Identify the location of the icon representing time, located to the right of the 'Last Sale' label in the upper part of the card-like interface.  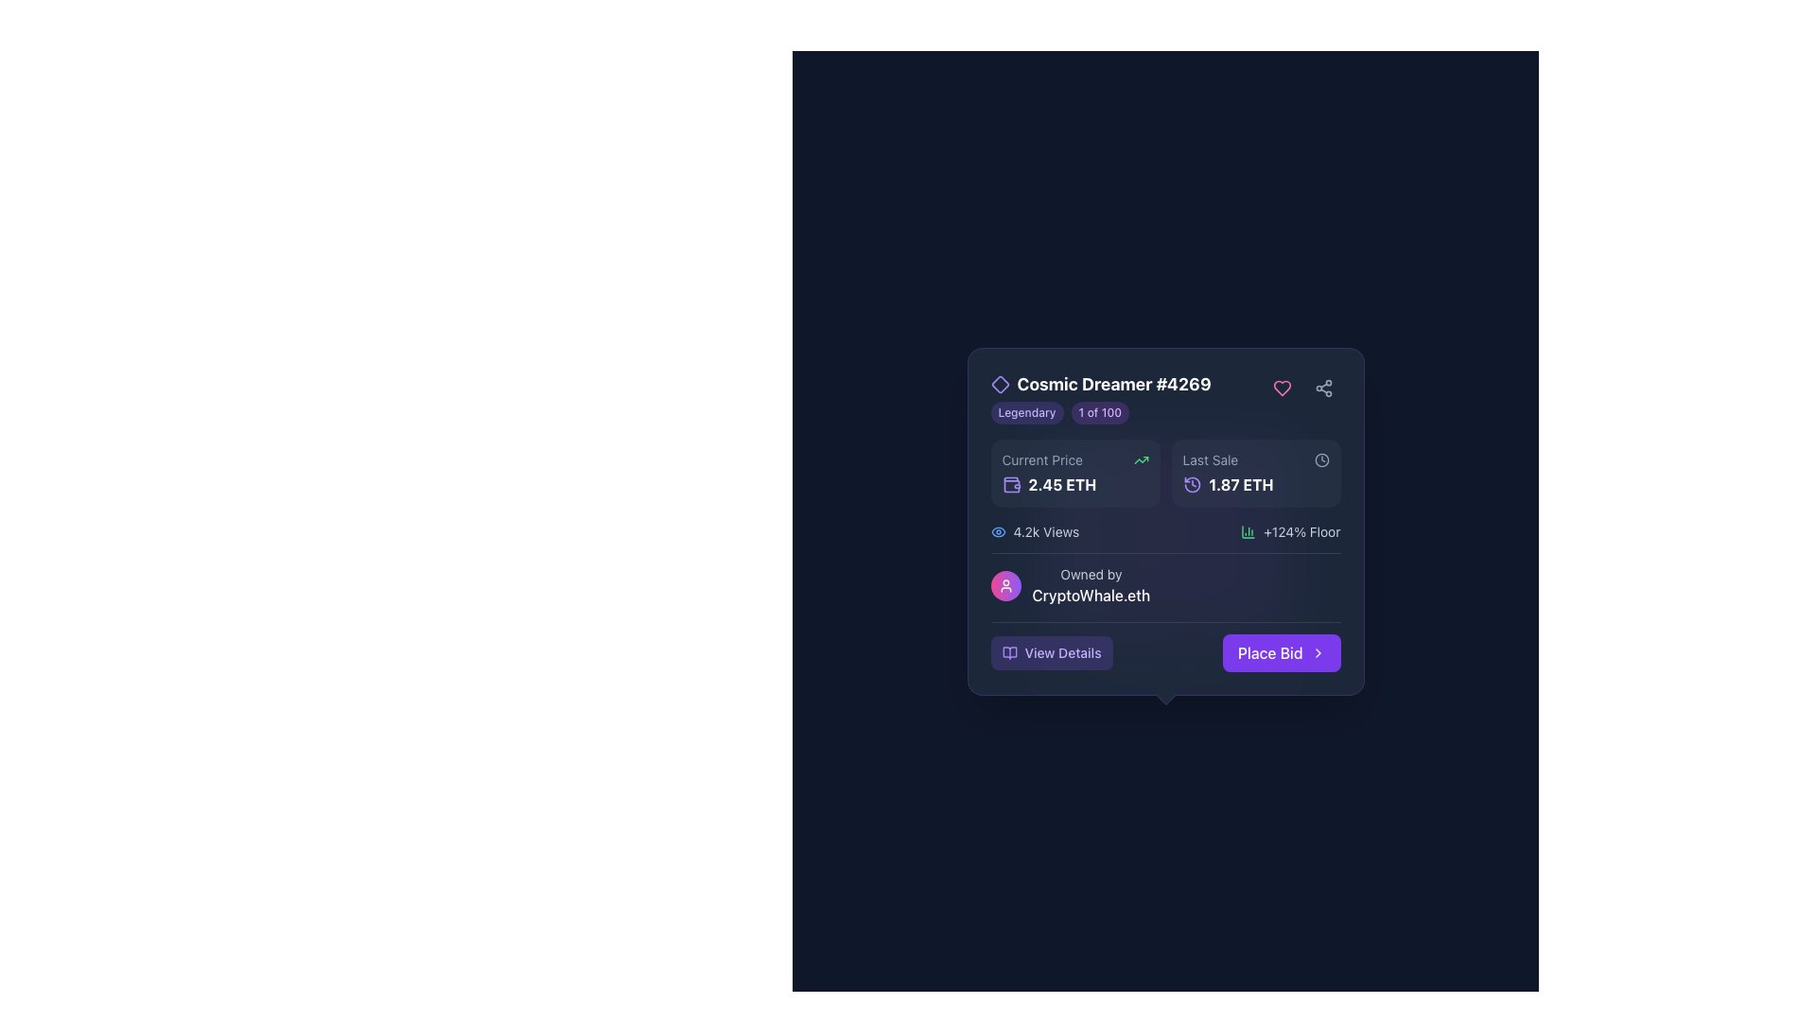
(1320, 459).